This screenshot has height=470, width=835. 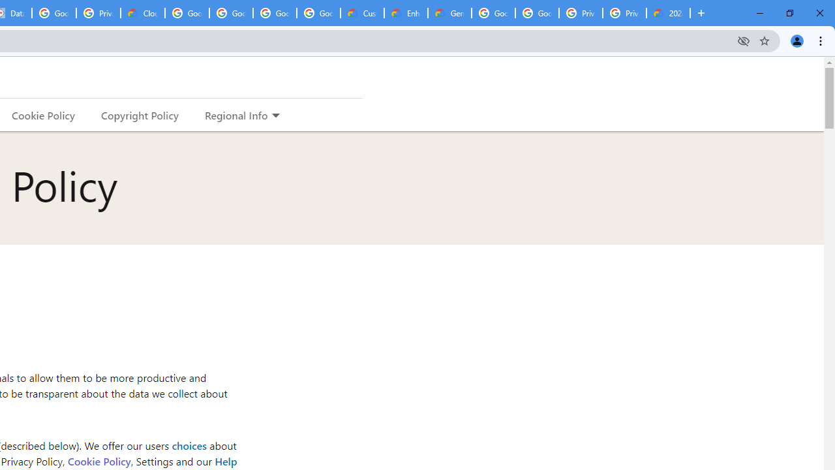 I want to click on 'Google Cloud Platform', so click(x=493, y=13).